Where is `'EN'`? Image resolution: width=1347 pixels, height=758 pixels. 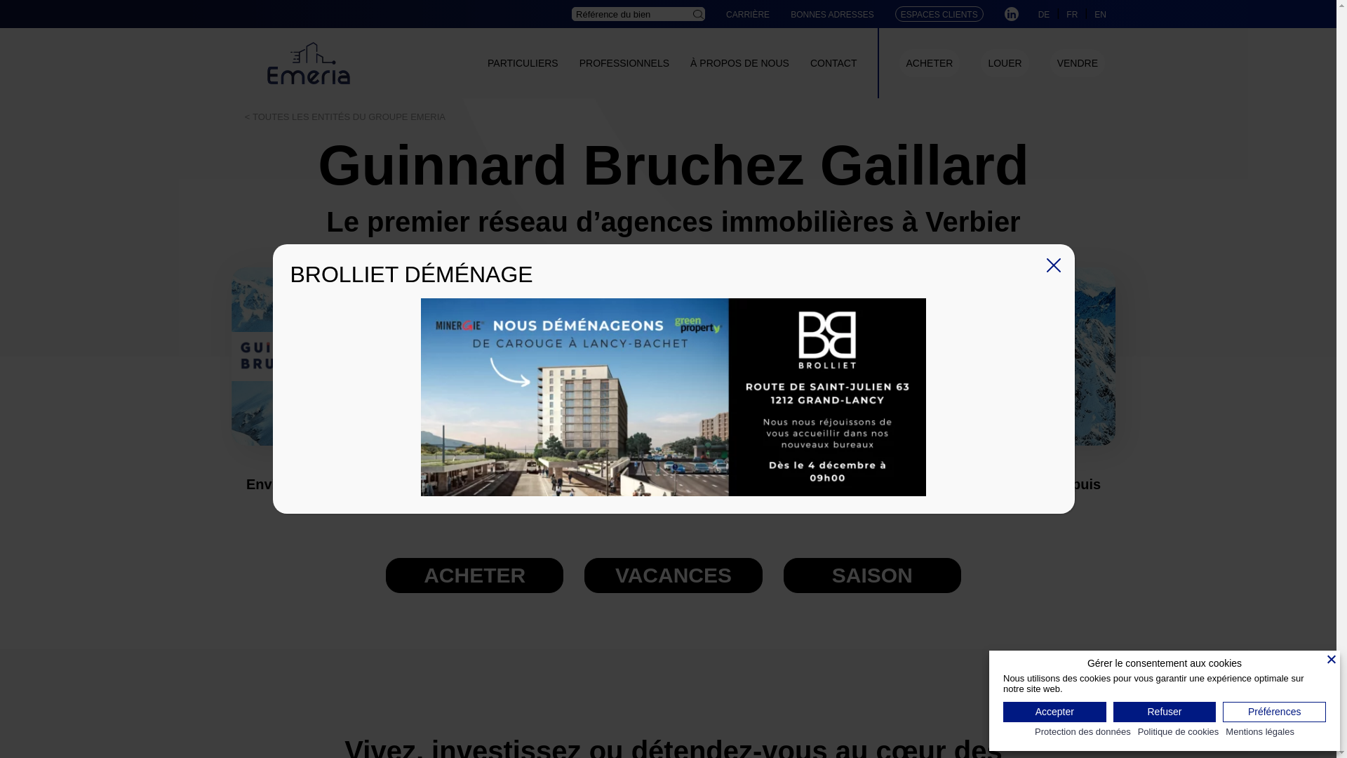
'EN' is located at coordinates (1099, 14).